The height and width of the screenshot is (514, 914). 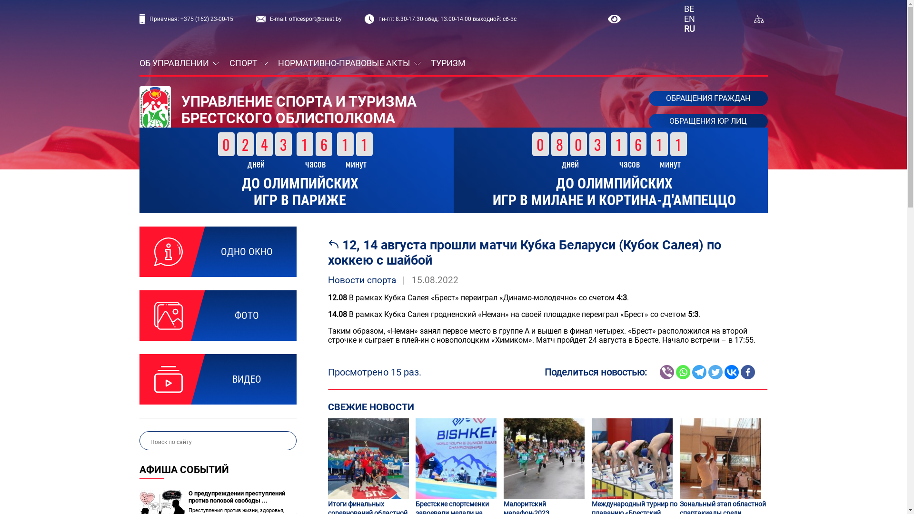 What do you see at coordinates (715, 372) in the screenshot?
I see `'Twitter'` at bounding box center [715, 372].